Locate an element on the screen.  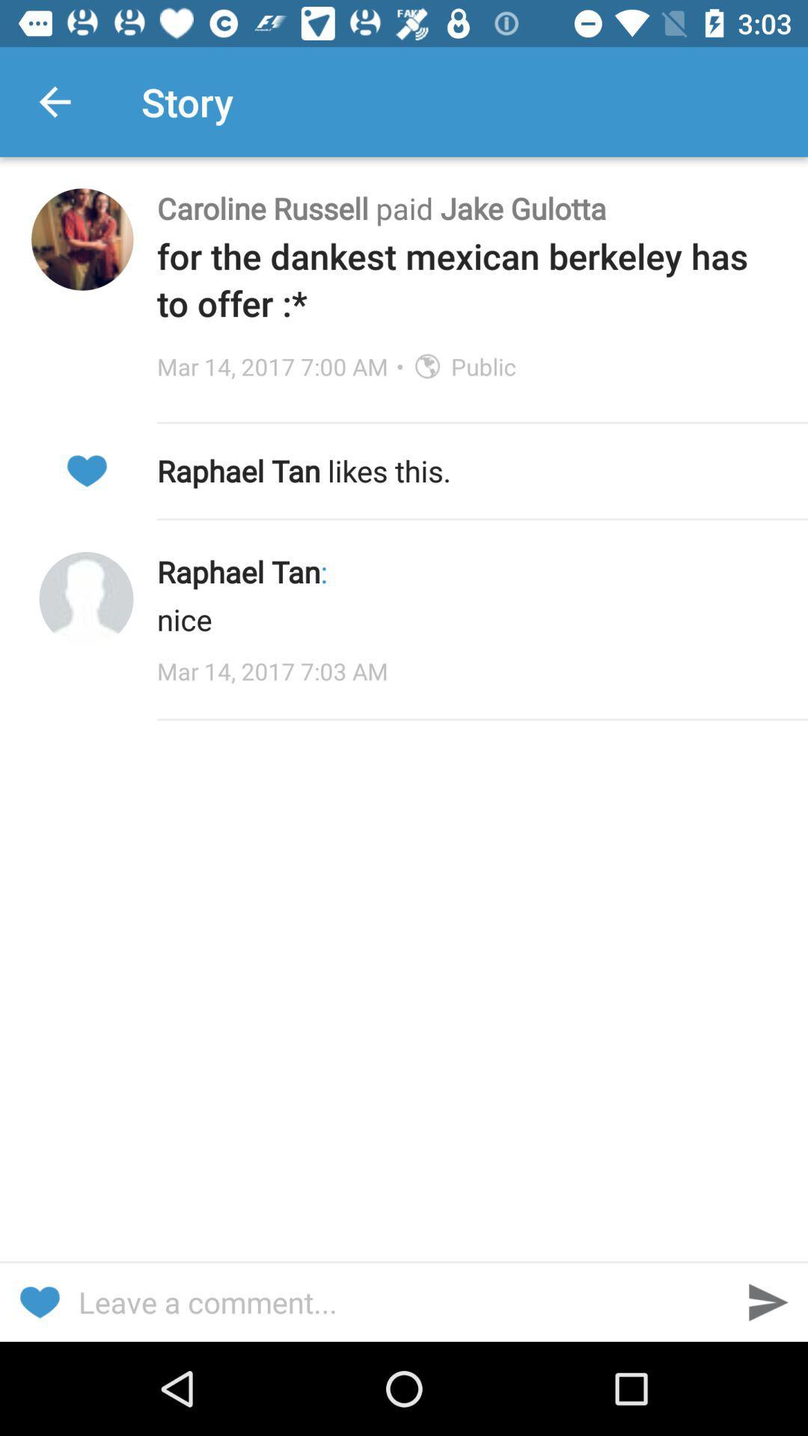
comments is located at coordinates (404, 1301).